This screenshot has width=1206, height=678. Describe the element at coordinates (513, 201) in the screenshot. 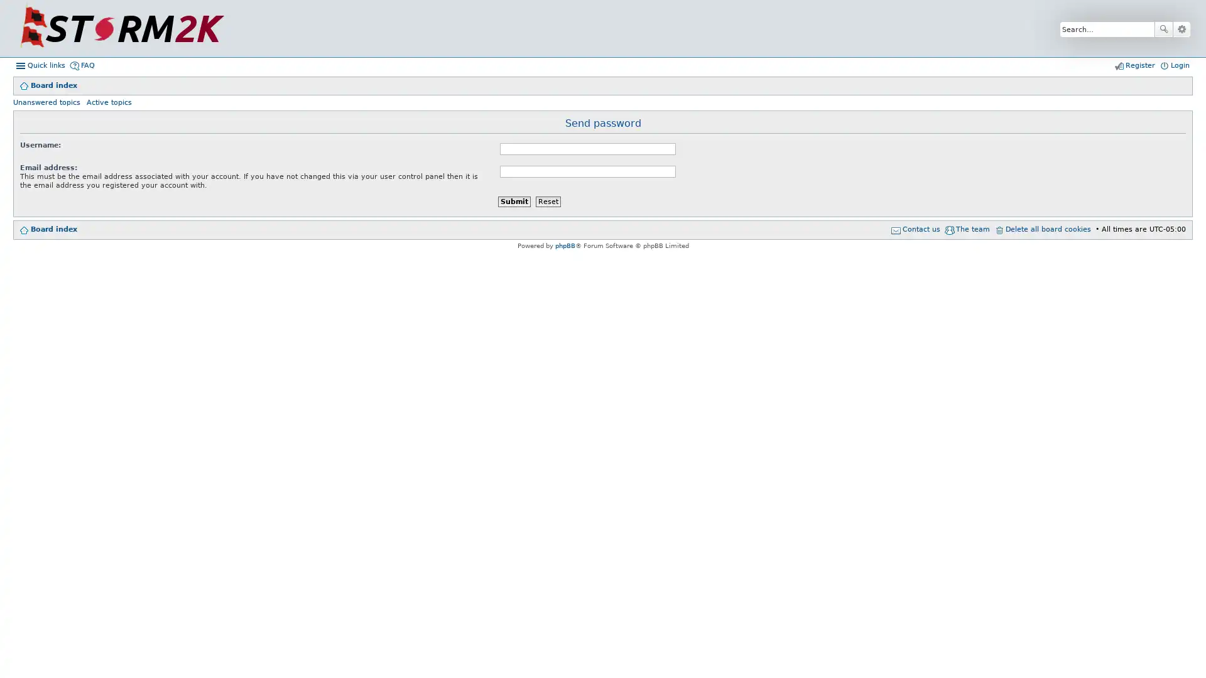

I see `Submit` at that location.